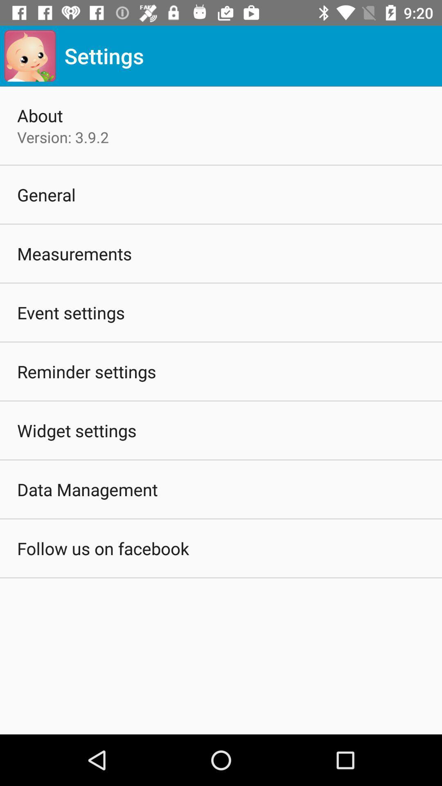 The image size is (442, 786). What do you see at coordinates (46, 194) in the screenshot?
I see `icon above the measurements item` at bounding box center [46, 194].